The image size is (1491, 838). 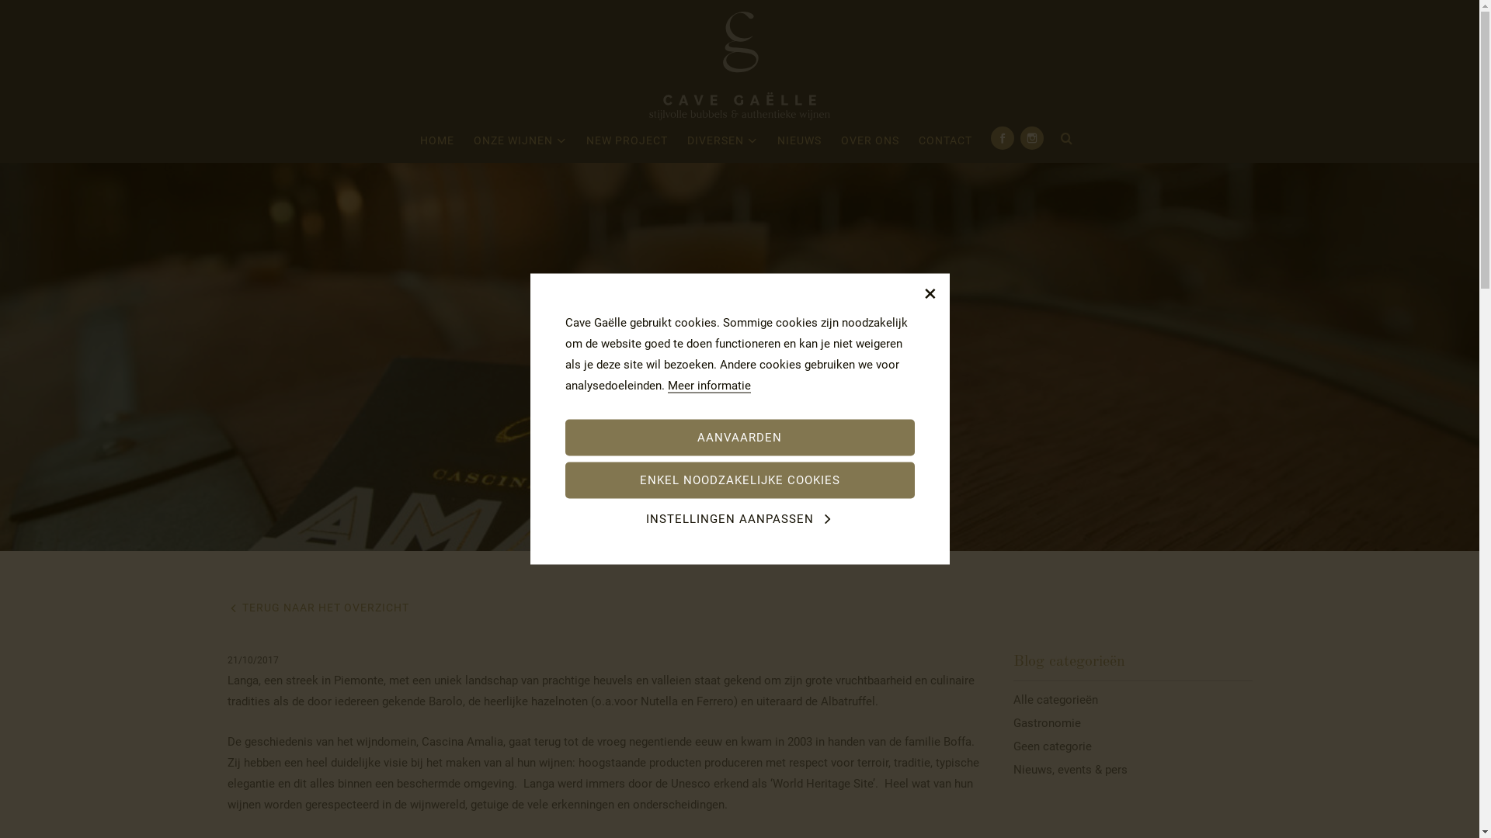 I want to click on 'Meer informatie', so click(x=667, y=385).